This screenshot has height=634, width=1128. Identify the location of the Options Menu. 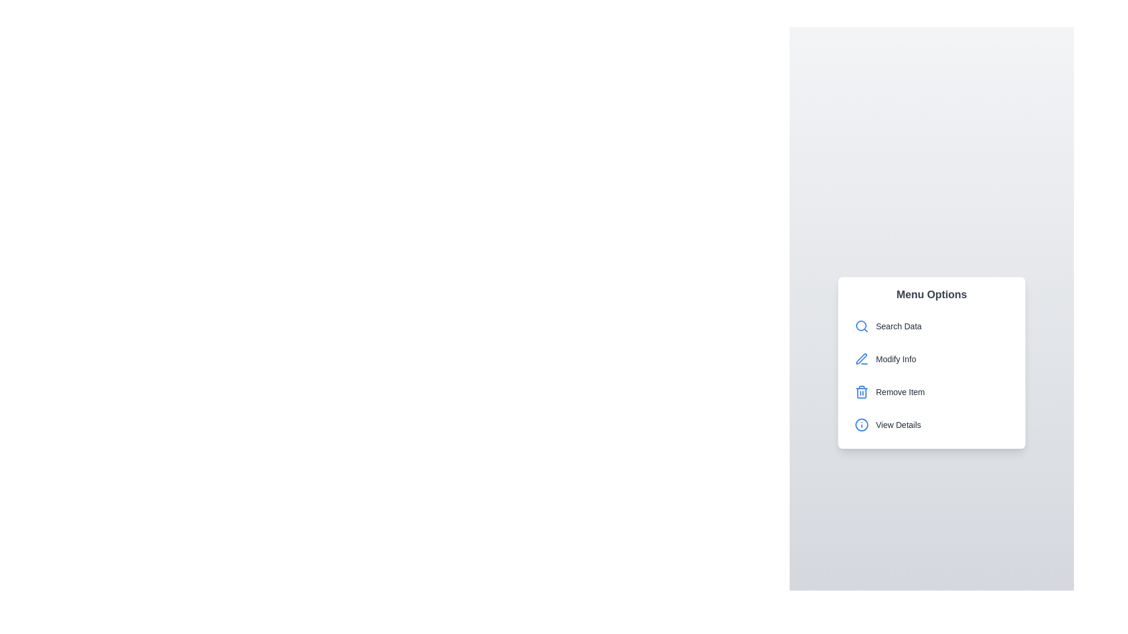
(931, 362).